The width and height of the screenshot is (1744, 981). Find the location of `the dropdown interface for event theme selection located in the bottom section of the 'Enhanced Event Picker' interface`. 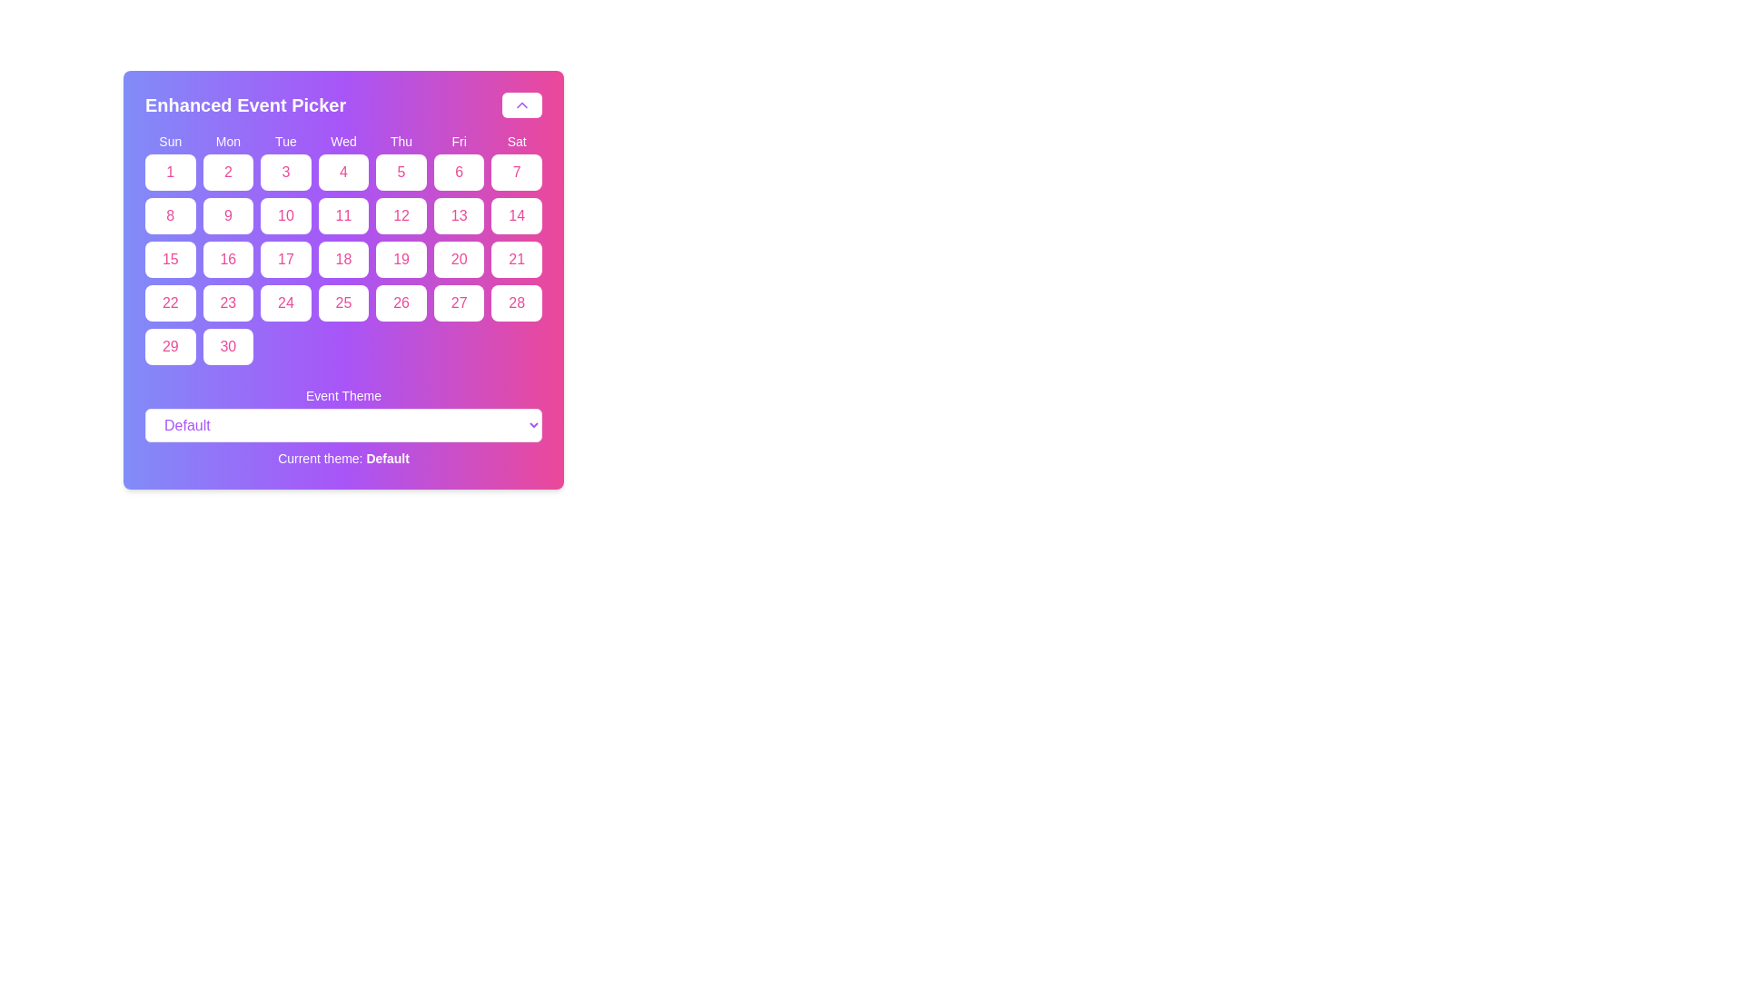

the dropdown interface for event theme selection located in the bottom section of the 'Enhanced Event Picker' interface is located at coordinates (343, 427).